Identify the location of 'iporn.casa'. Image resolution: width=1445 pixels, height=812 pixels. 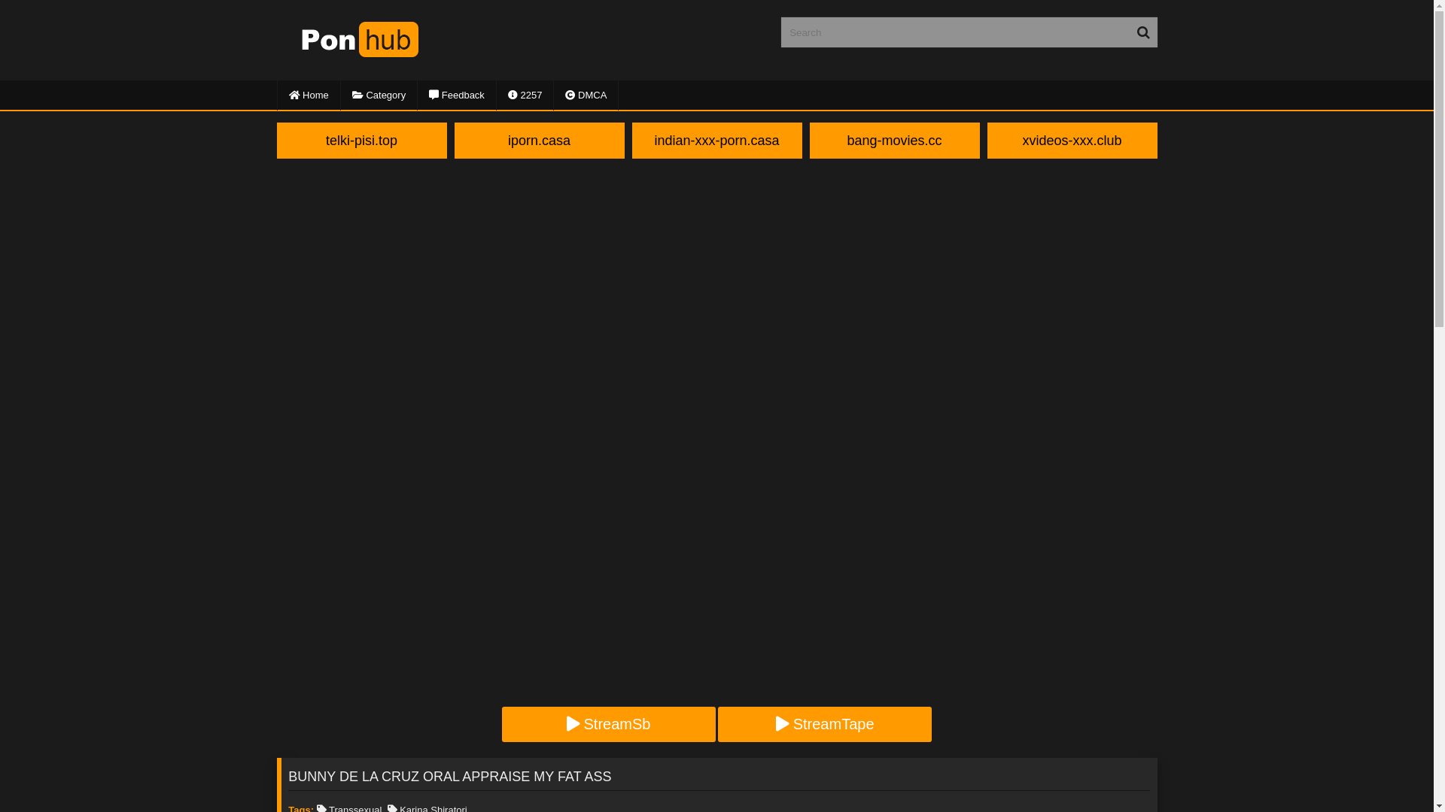
(539, 140).